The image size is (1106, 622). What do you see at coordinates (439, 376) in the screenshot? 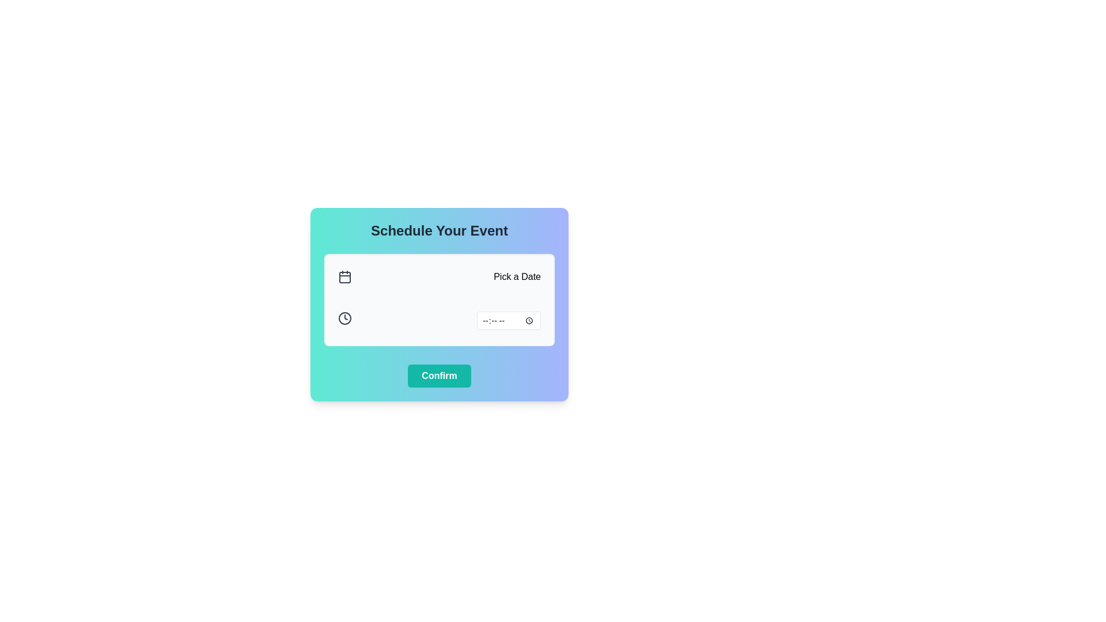
I see `the button that finalizes or submits the information in the 'Schedule Your Event' card` at bounding box center [439, 376].